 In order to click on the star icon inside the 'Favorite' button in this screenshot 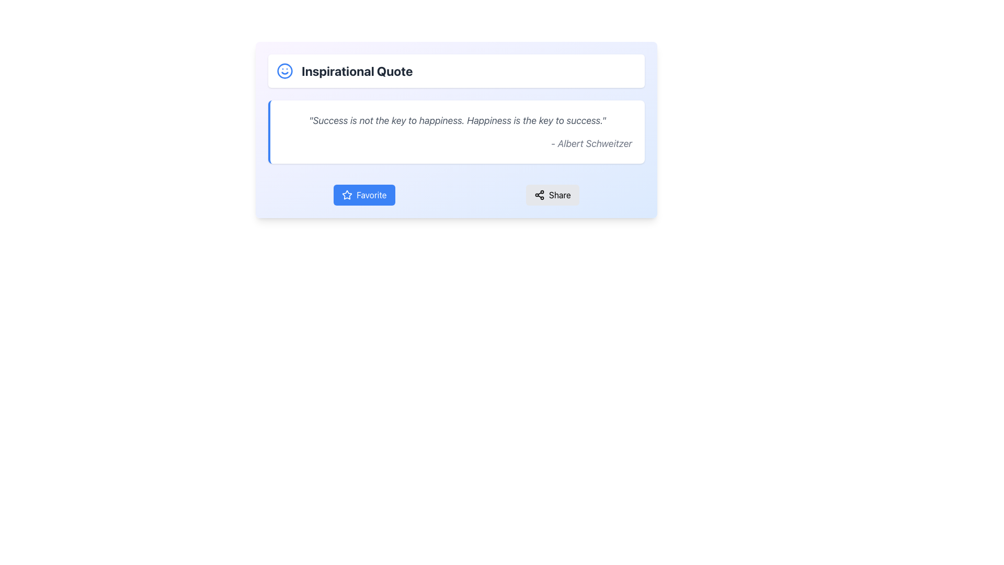, I will do `click(347, 195)`.